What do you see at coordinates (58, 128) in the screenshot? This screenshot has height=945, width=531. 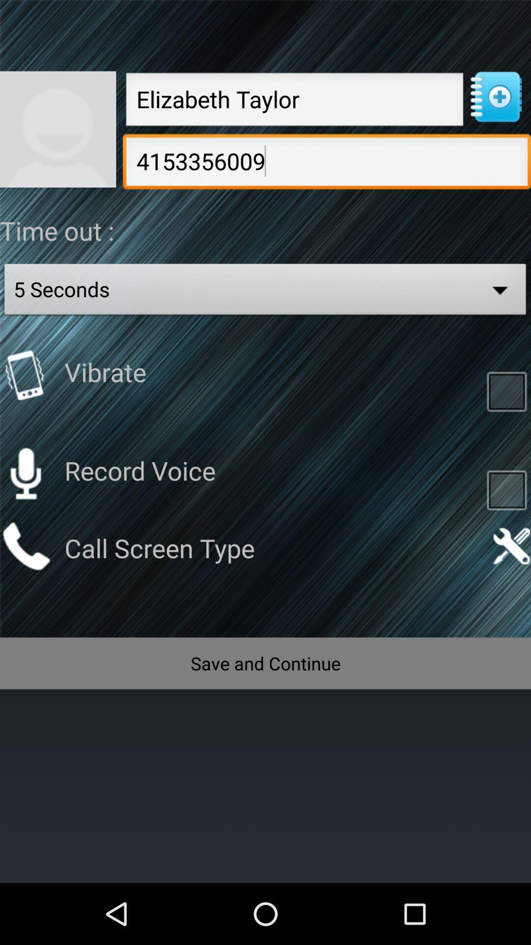 I see `photo` at bounding box center [58, 128].